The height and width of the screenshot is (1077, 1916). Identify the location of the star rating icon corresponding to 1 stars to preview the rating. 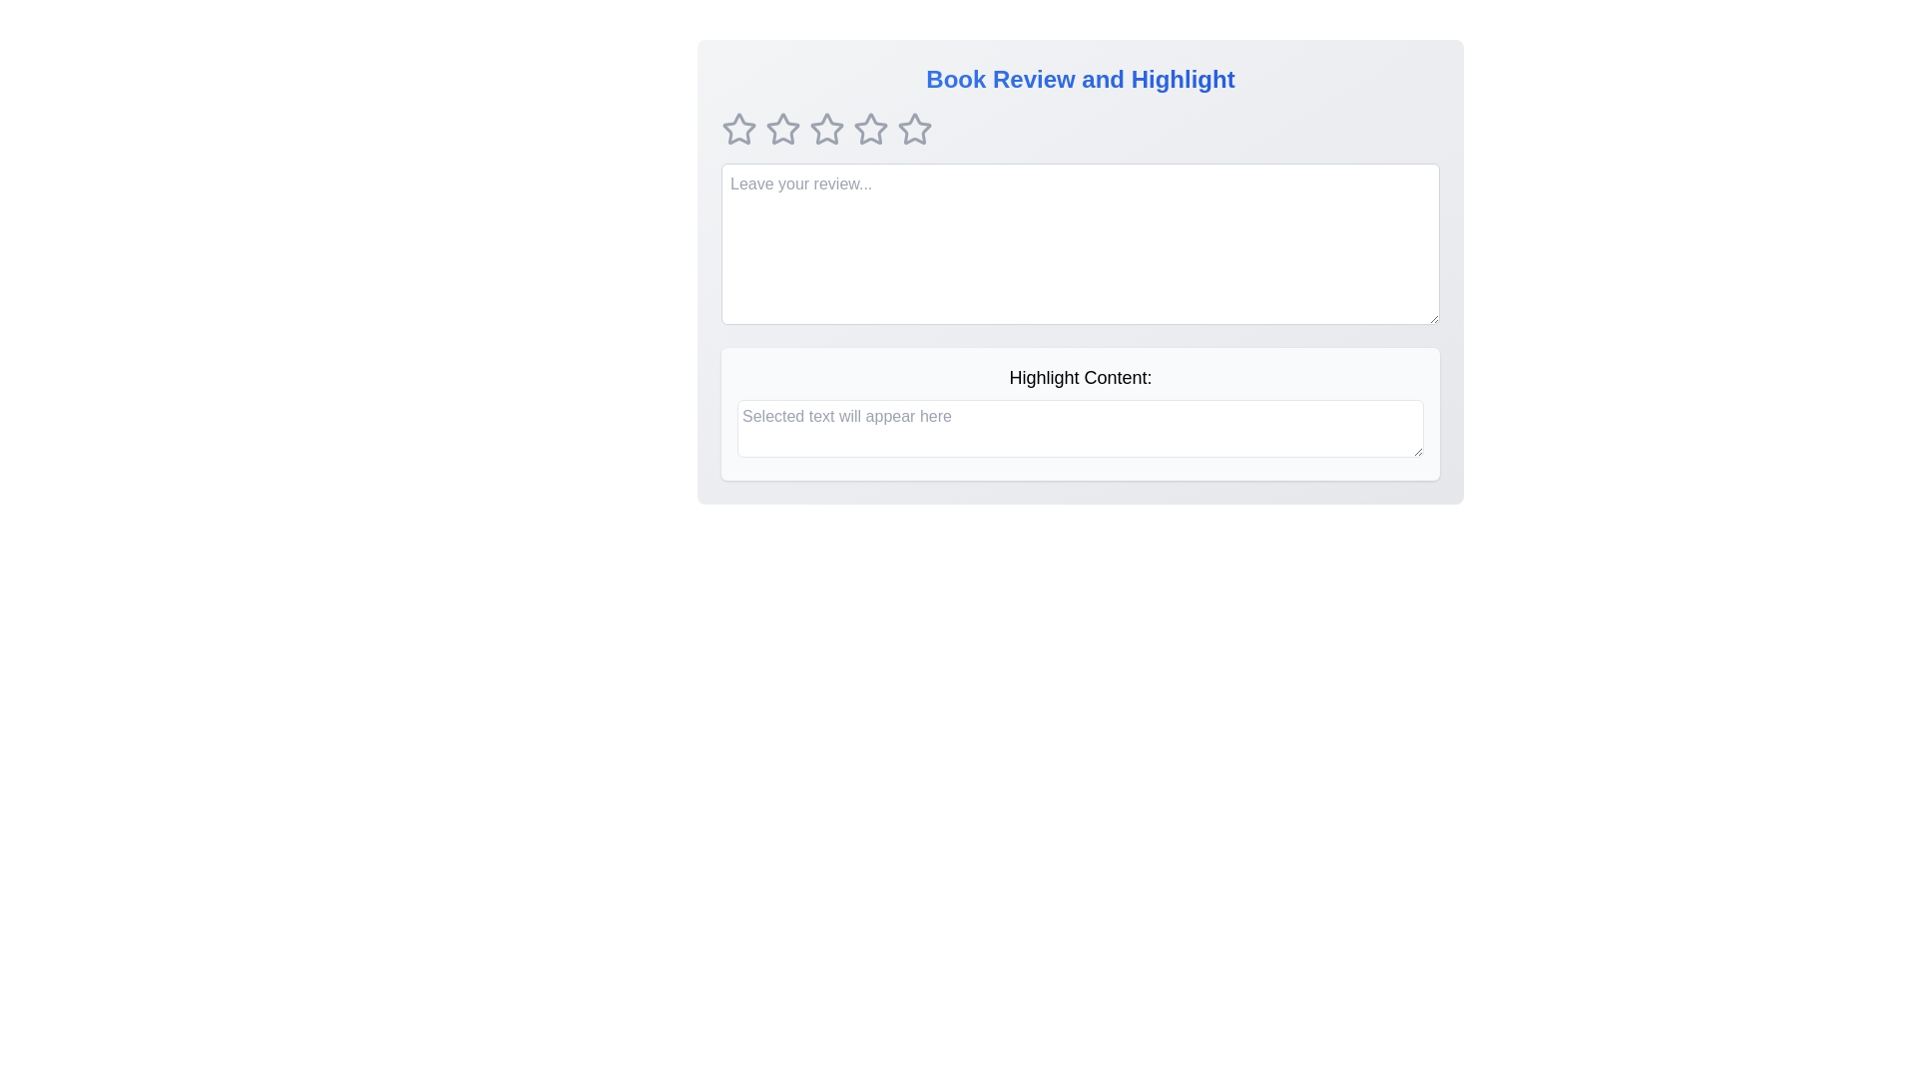
(737, 130).